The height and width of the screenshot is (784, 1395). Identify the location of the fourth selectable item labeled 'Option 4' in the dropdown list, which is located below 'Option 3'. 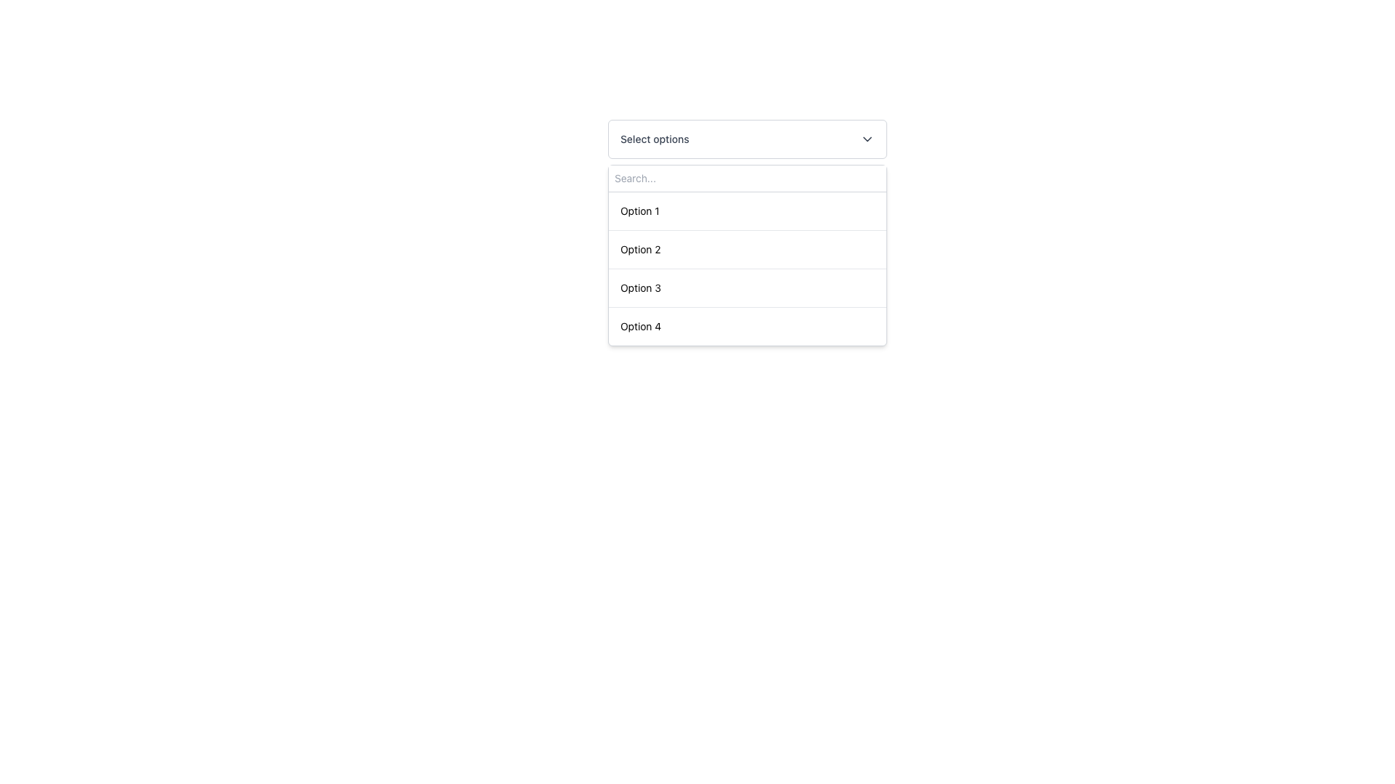
(640, 327).